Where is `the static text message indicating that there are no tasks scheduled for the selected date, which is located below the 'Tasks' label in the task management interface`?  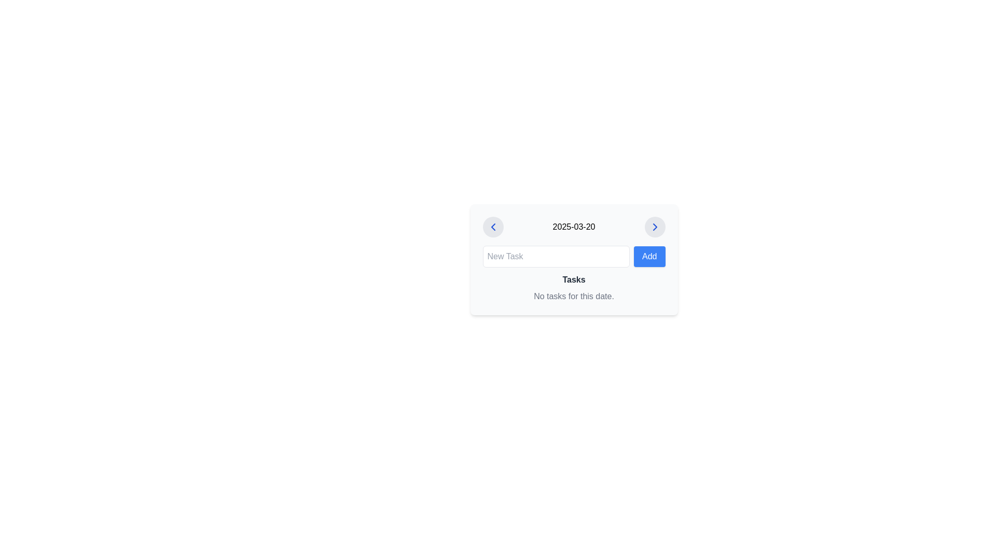 the static text message indicating that there are no tasks scheduled for the selected date, which is located below the 'Tasks' label in the task management interface is located at coordinates (573, 296).